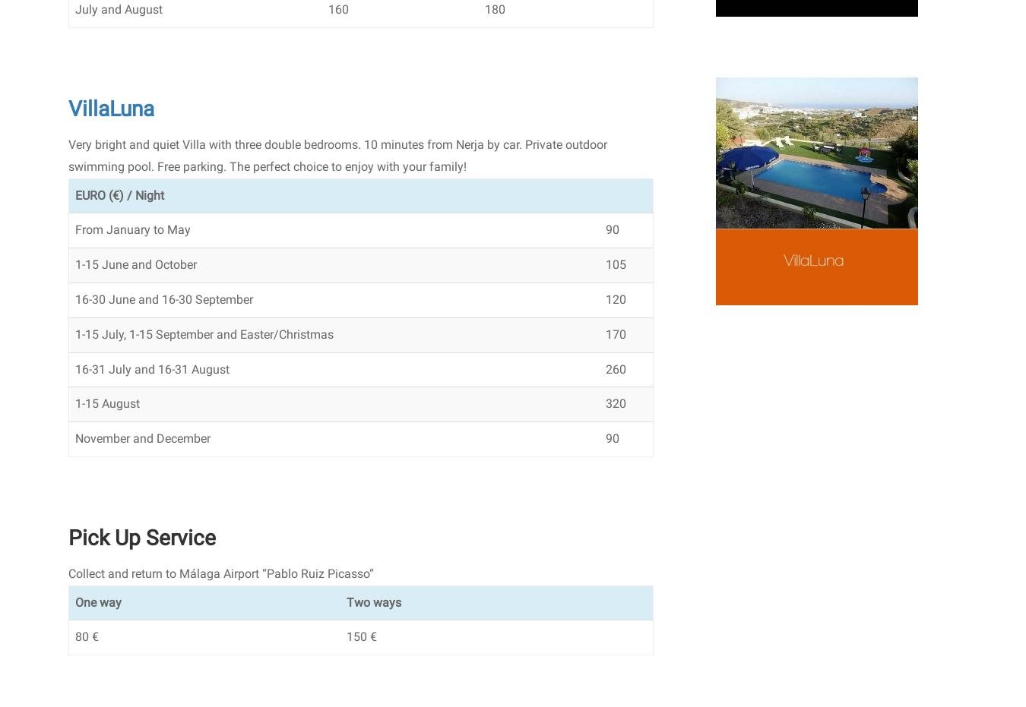  I want to click on '160', so click(337, 8).